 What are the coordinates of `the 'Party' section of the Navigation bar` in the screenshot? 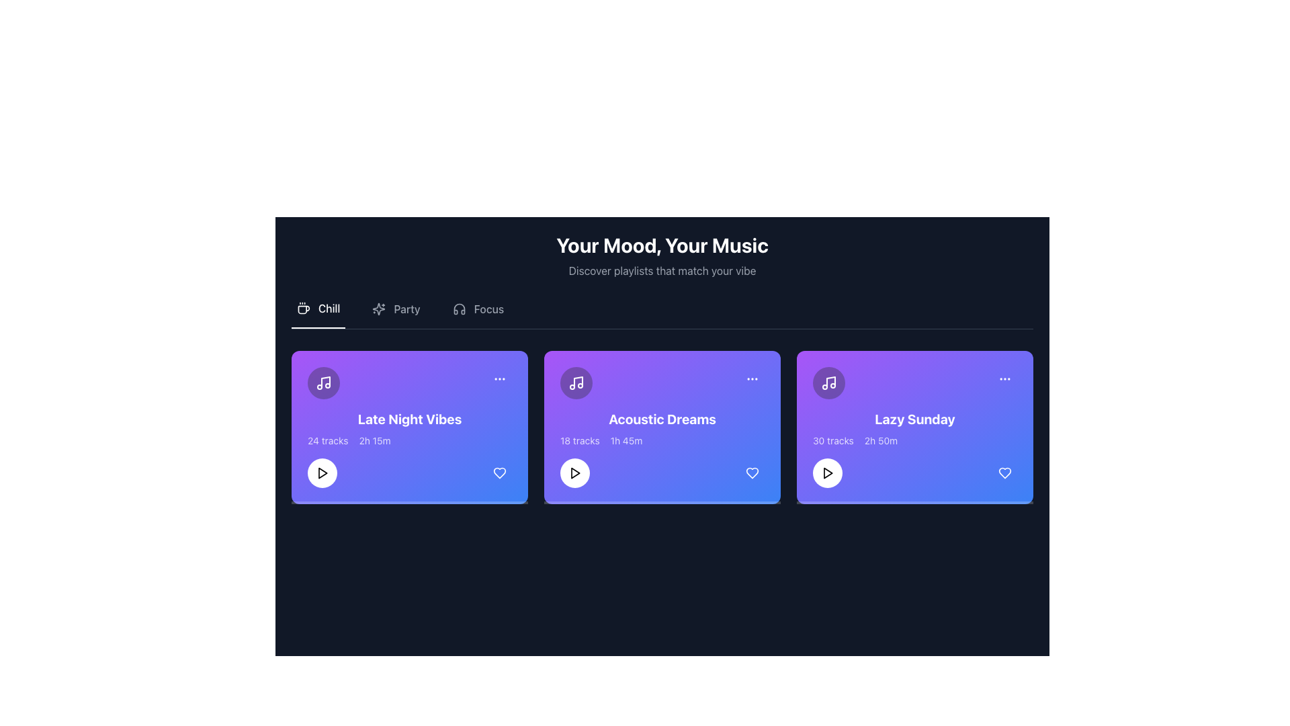 It's located at (662, 314).